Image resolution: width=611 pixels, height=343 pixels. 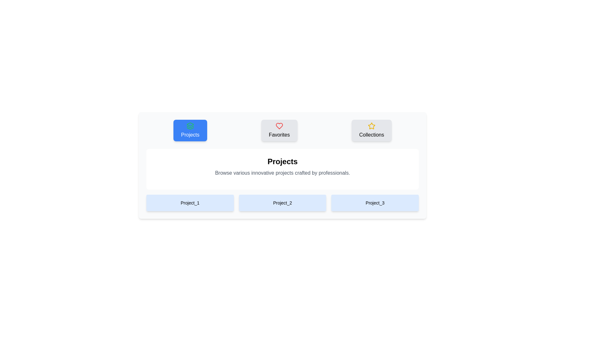 I want to click on the Collections tab by clicking on it, so click(x=371, y=130).